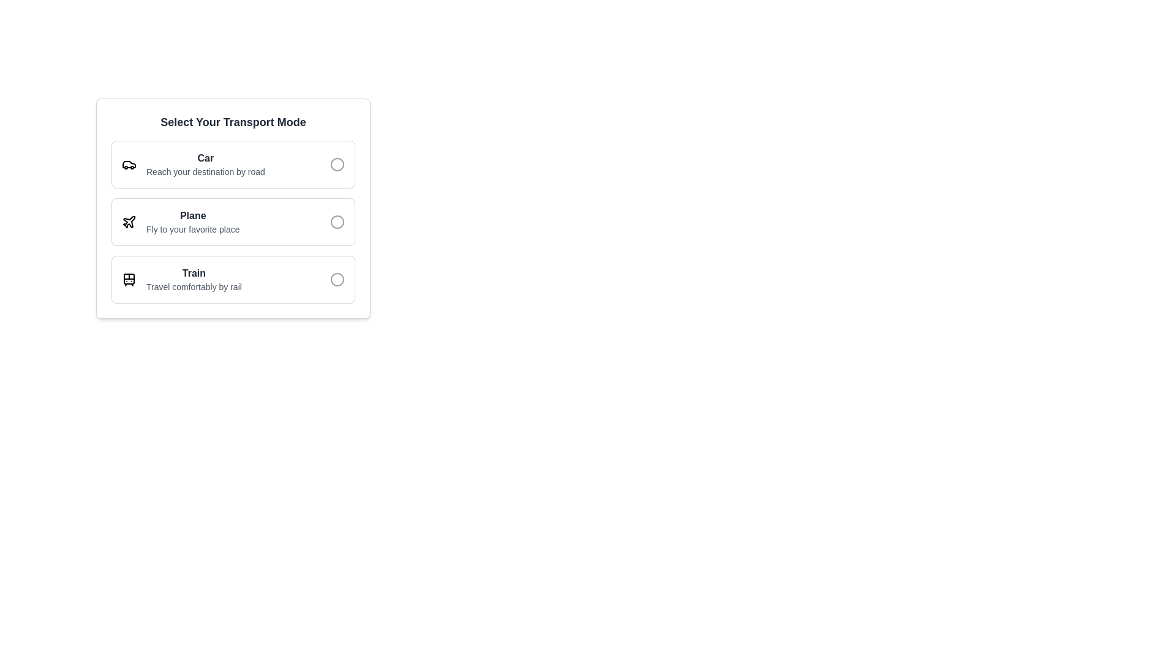 The image size is (1176, 661). Describe the element at coordinates (205, 157) in the screenshot. I see `the bold text label 'Car' which is part of the transportation options panel, positioned above the smaller text 'Reach your destination by road'` at that location.